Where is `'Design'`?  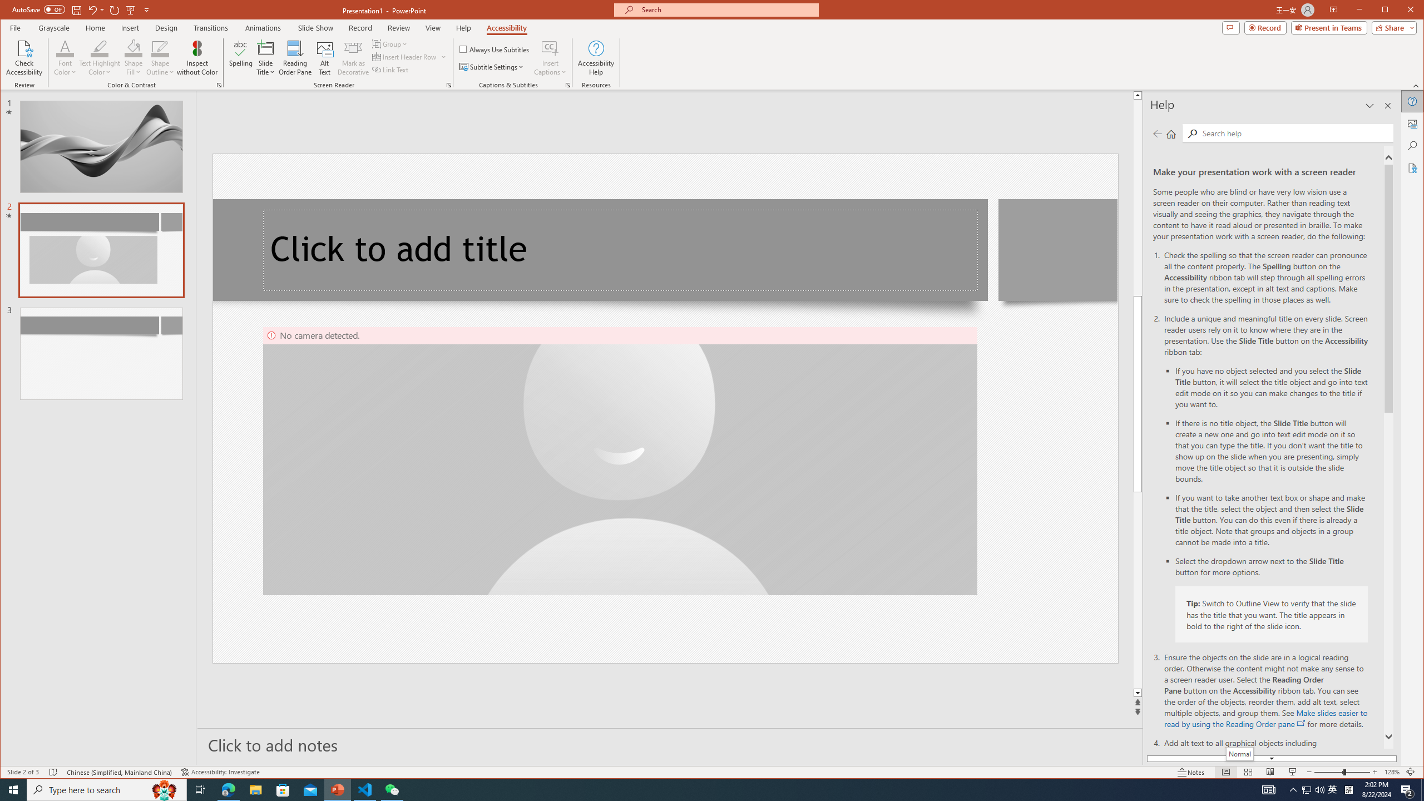
'Design' is located at coordinates (166, 27).